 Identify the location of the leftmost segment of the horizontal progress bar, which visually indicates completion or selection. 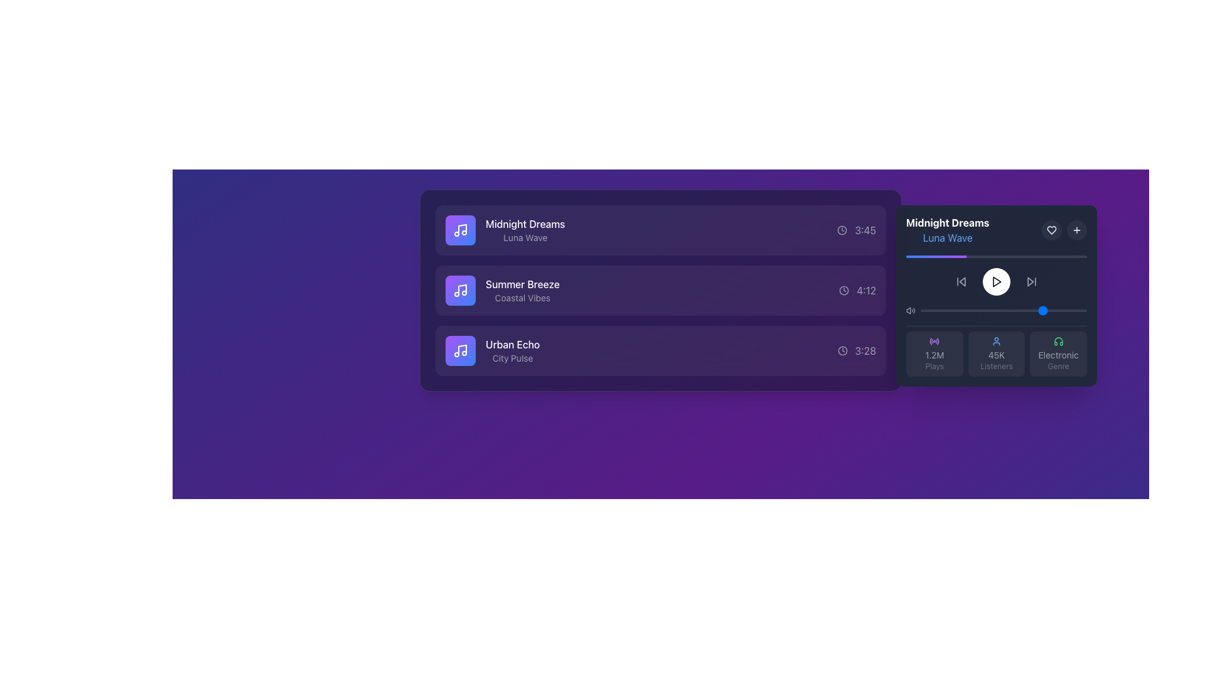
(936, 256).